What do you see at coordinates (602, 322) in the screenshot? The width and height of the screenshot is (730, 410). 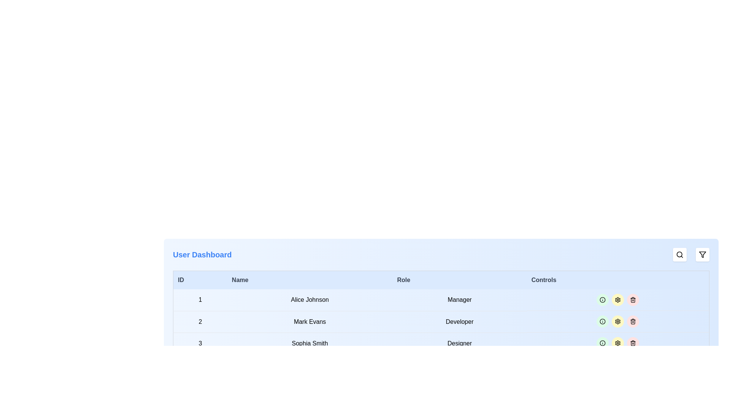 I see `the circular graphic element with a radius of 10 units located in the 'Controls' column of the interface, adjacent to an action button` at bounding box center [602, 322].